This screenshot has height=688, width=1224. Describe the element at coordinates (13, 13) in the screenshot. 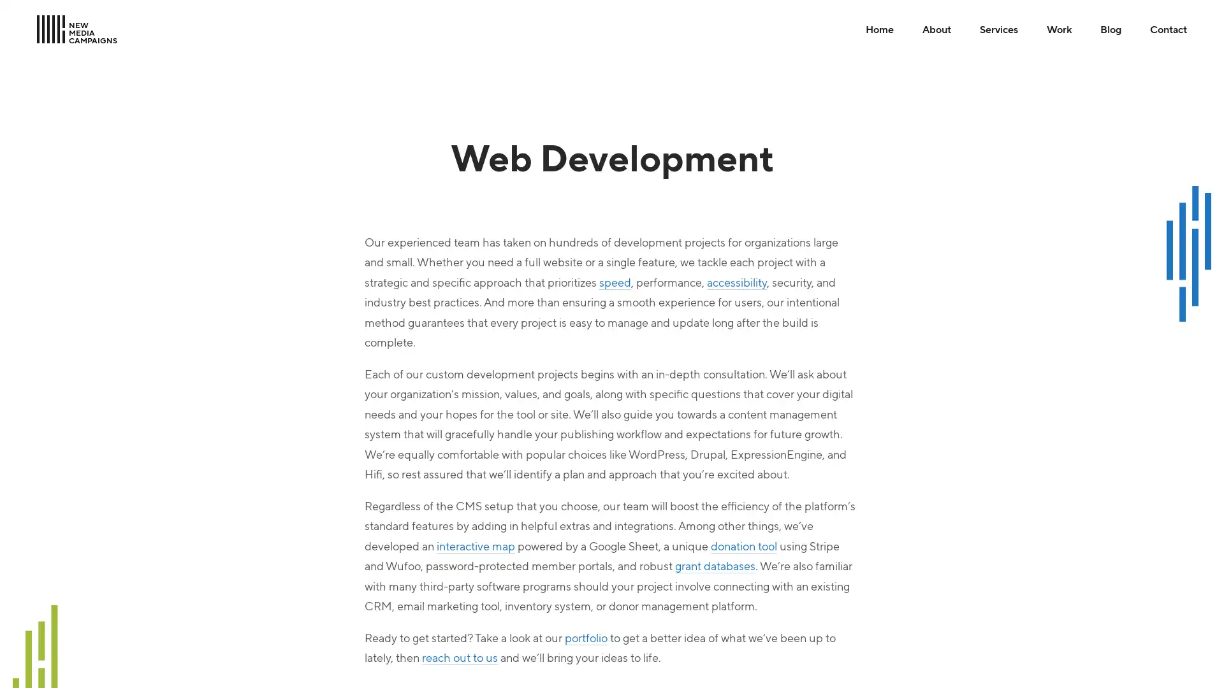

I see `Skip to Main Content` at that location.